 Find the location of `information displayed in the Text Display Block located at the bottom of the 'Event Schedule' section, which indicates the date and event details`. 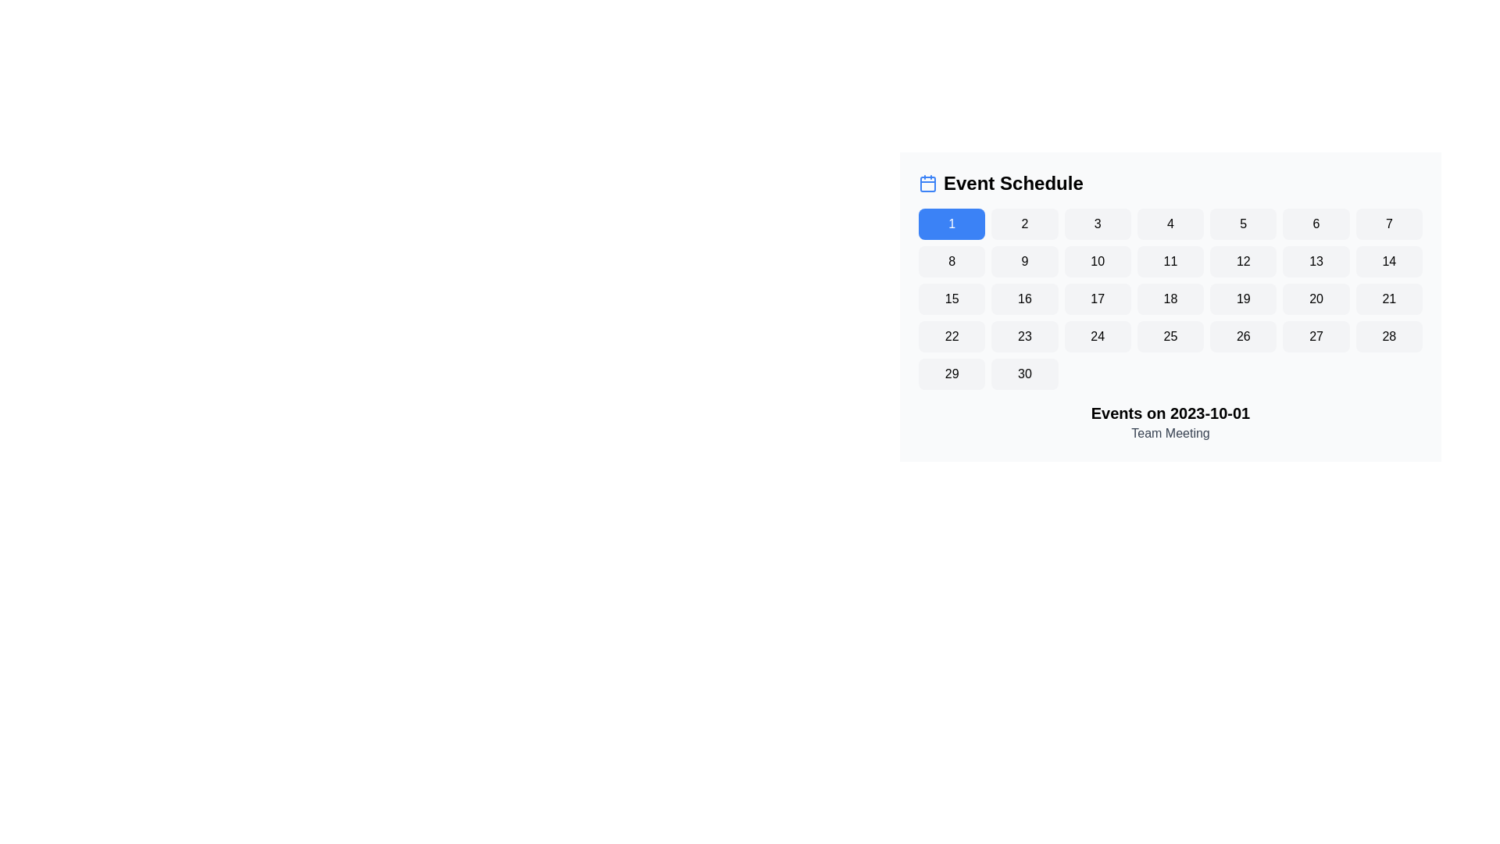

information displayed in the Text Display Block located at the bottom of the 'Event Schedule' section, which indicates the date and event details is located at coordinates (1170, 422).